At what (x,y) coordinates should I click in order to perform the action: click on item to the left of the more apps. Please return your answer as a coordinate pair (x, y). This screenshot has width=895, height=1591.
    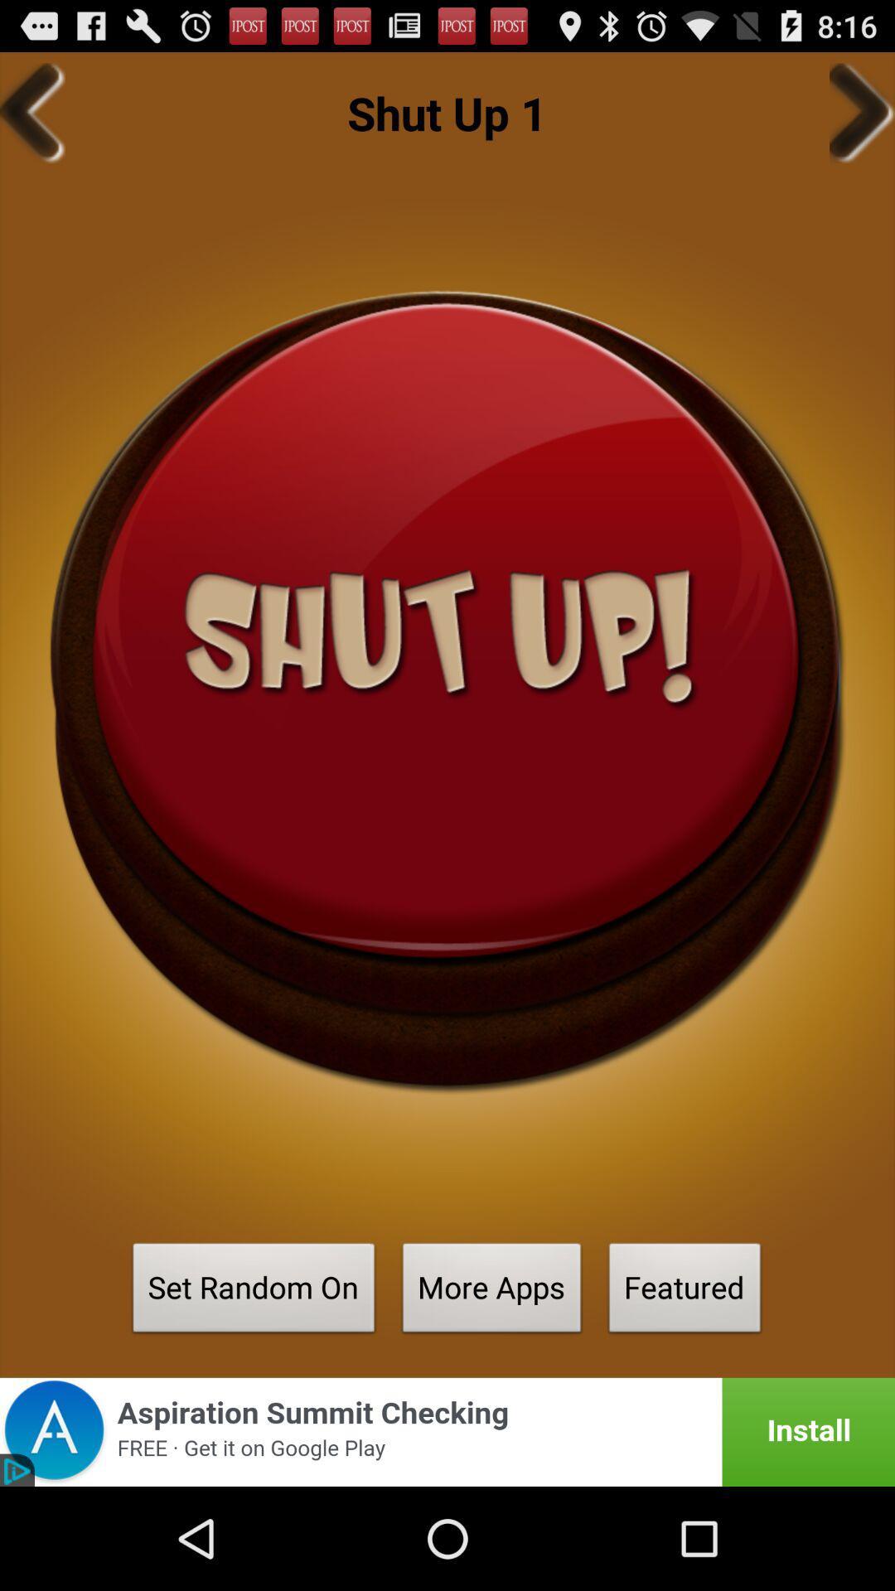
    Looking at the image, I should click on (254, 1292).